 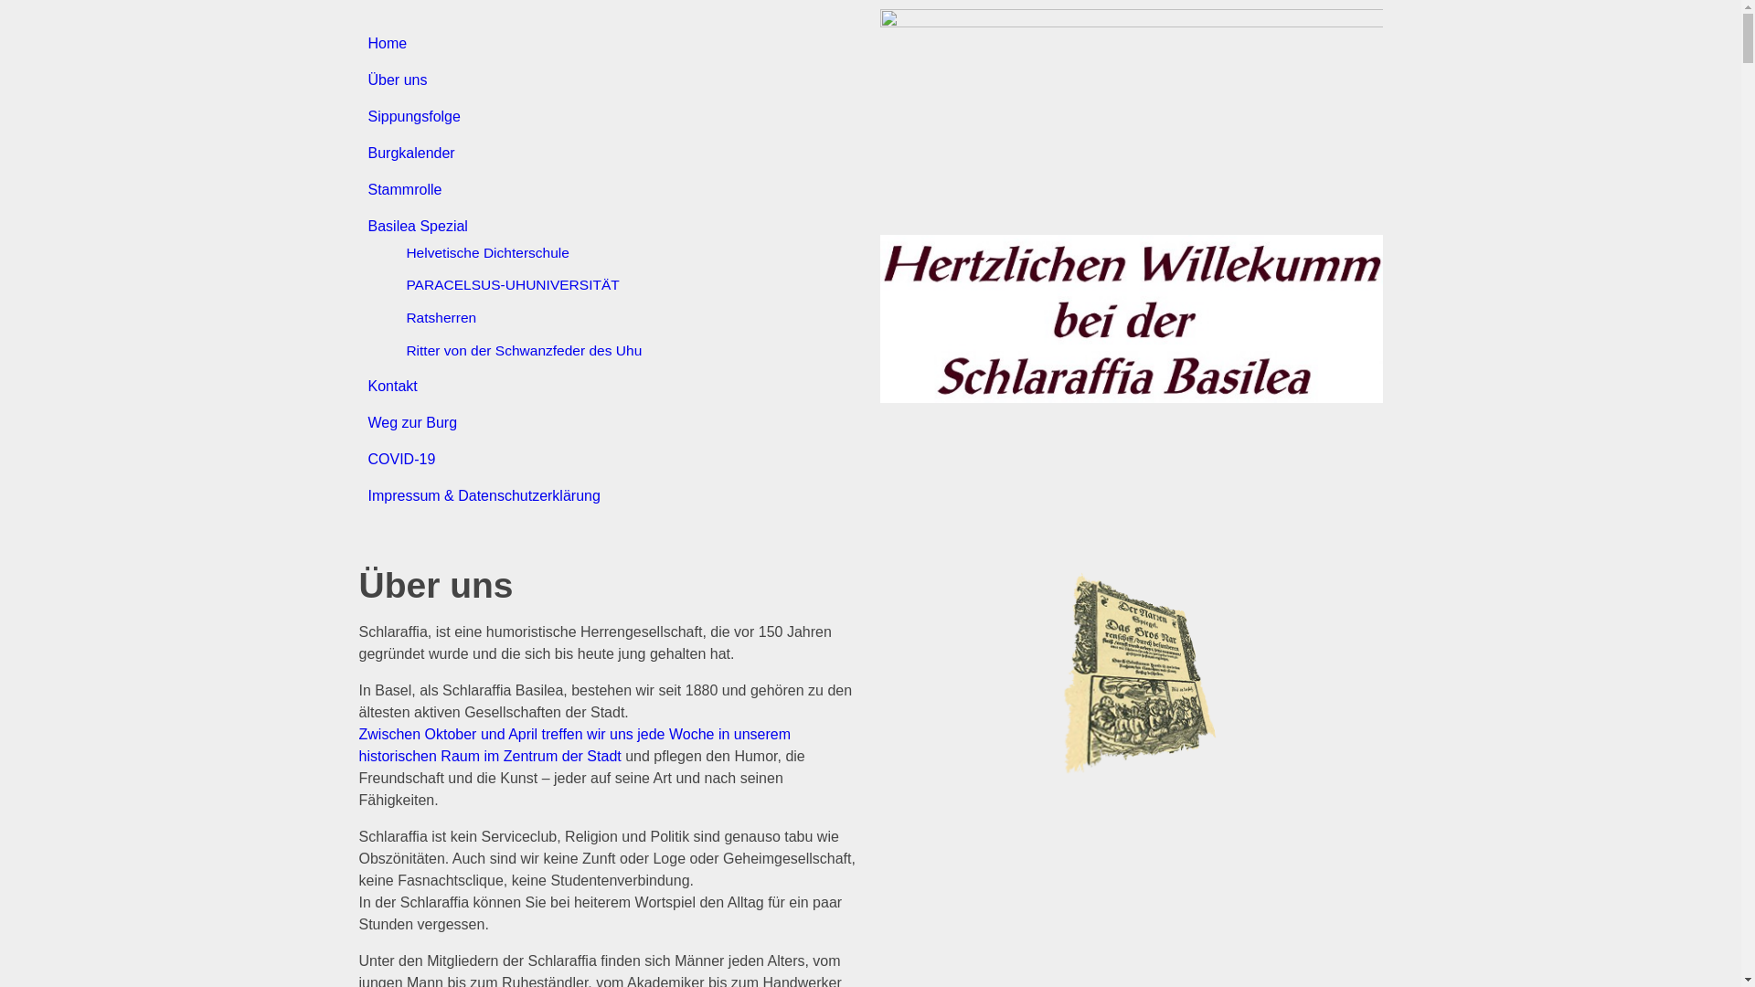 I want to click on 'Kontakt', so click(x=390, y=385).